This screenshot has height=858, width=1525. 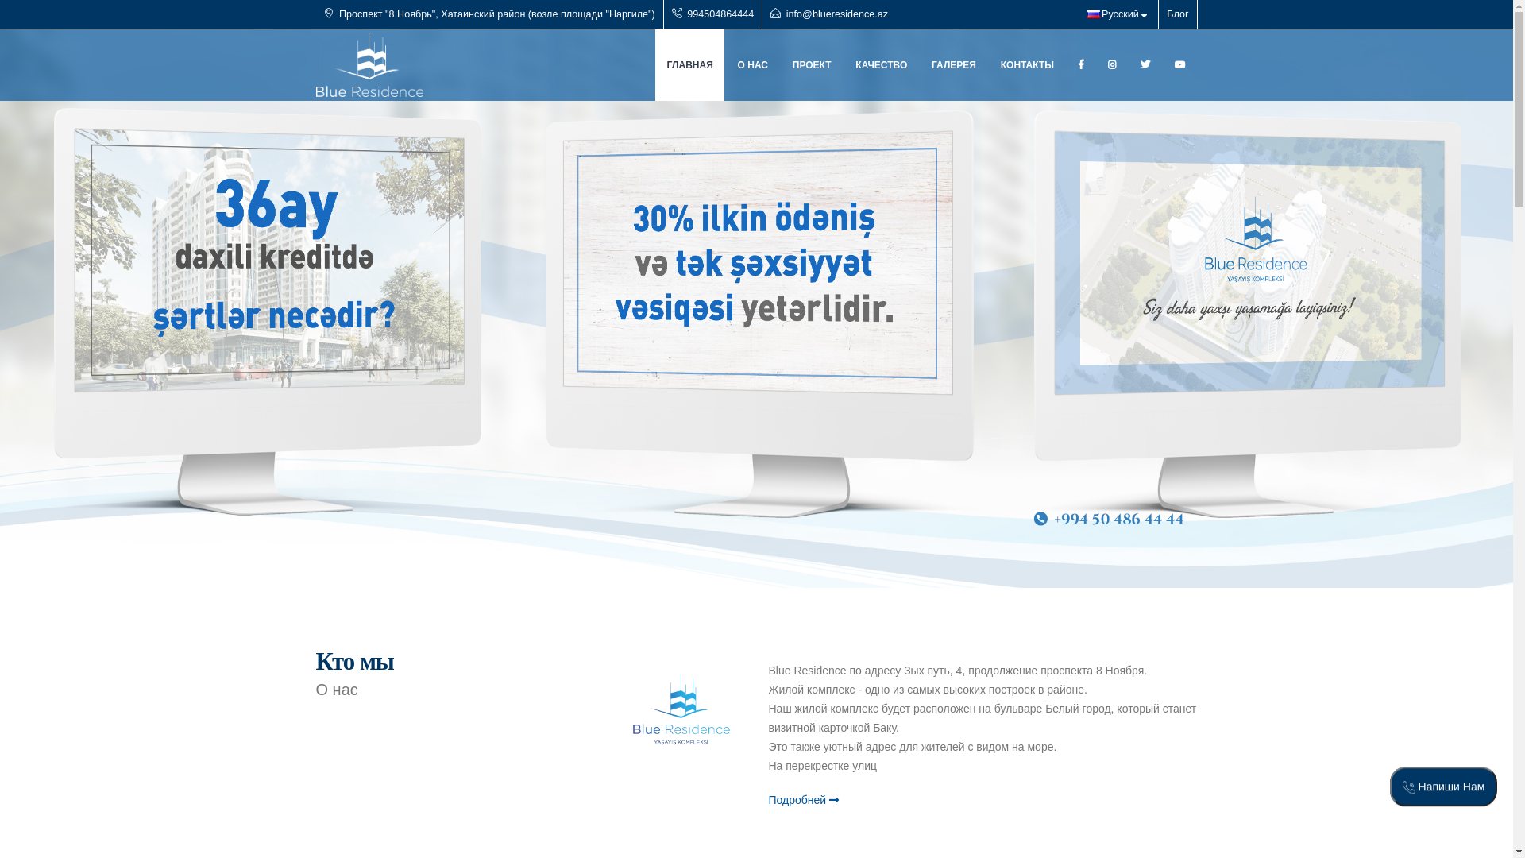 What do you see at coordinates (1111, 64) in the screenshot?
I see `'Instagram'` at bounding box center [1111, 64].